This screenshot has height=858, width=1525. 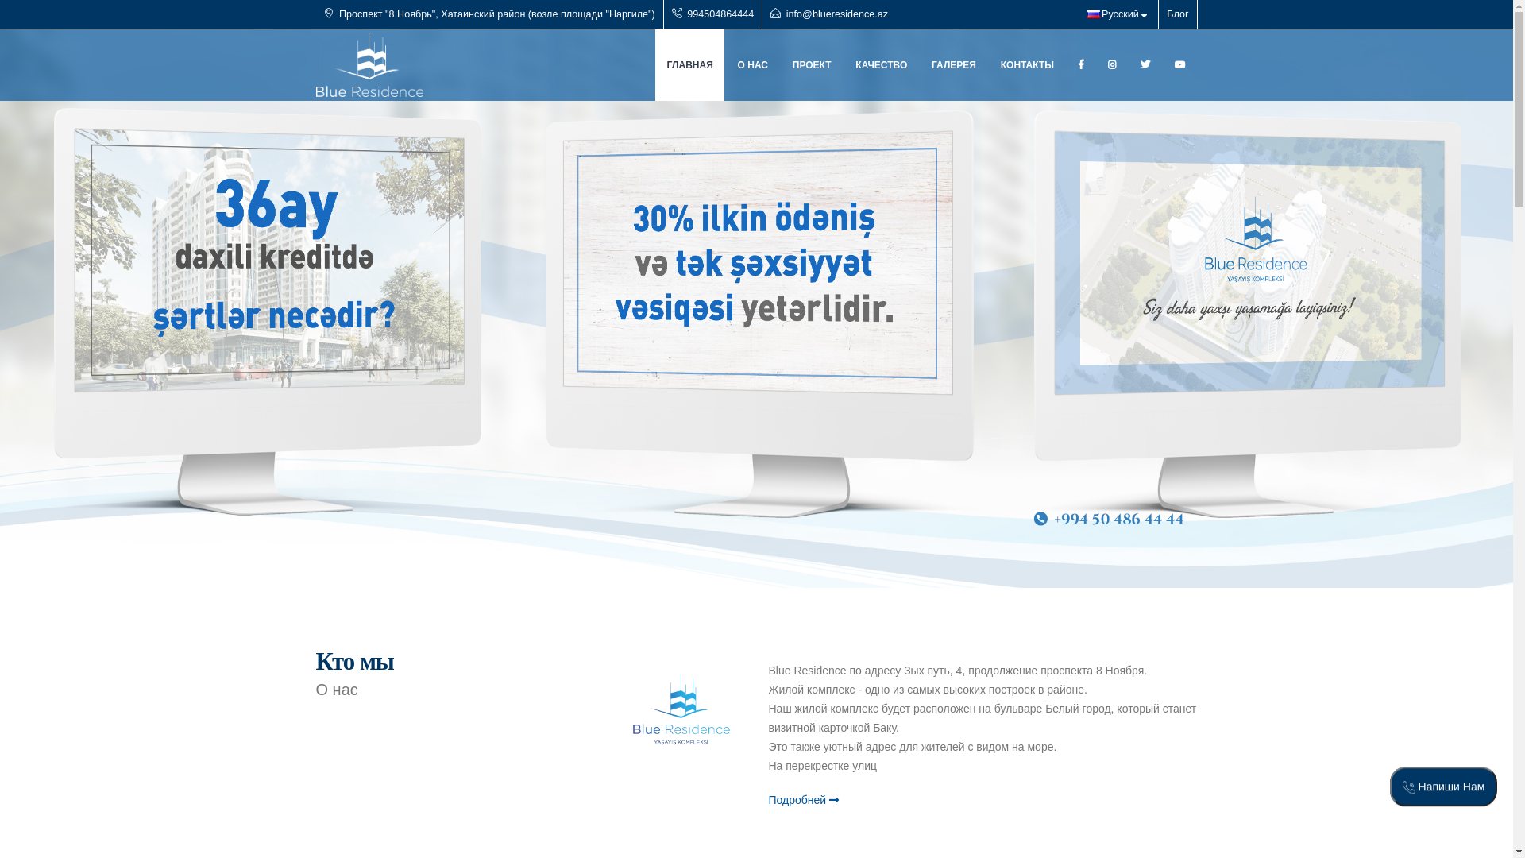 What do you see at coordinates (1111, 64) in the screenshot?
I see `'Instagram'` at bounding box center [1111, 64].